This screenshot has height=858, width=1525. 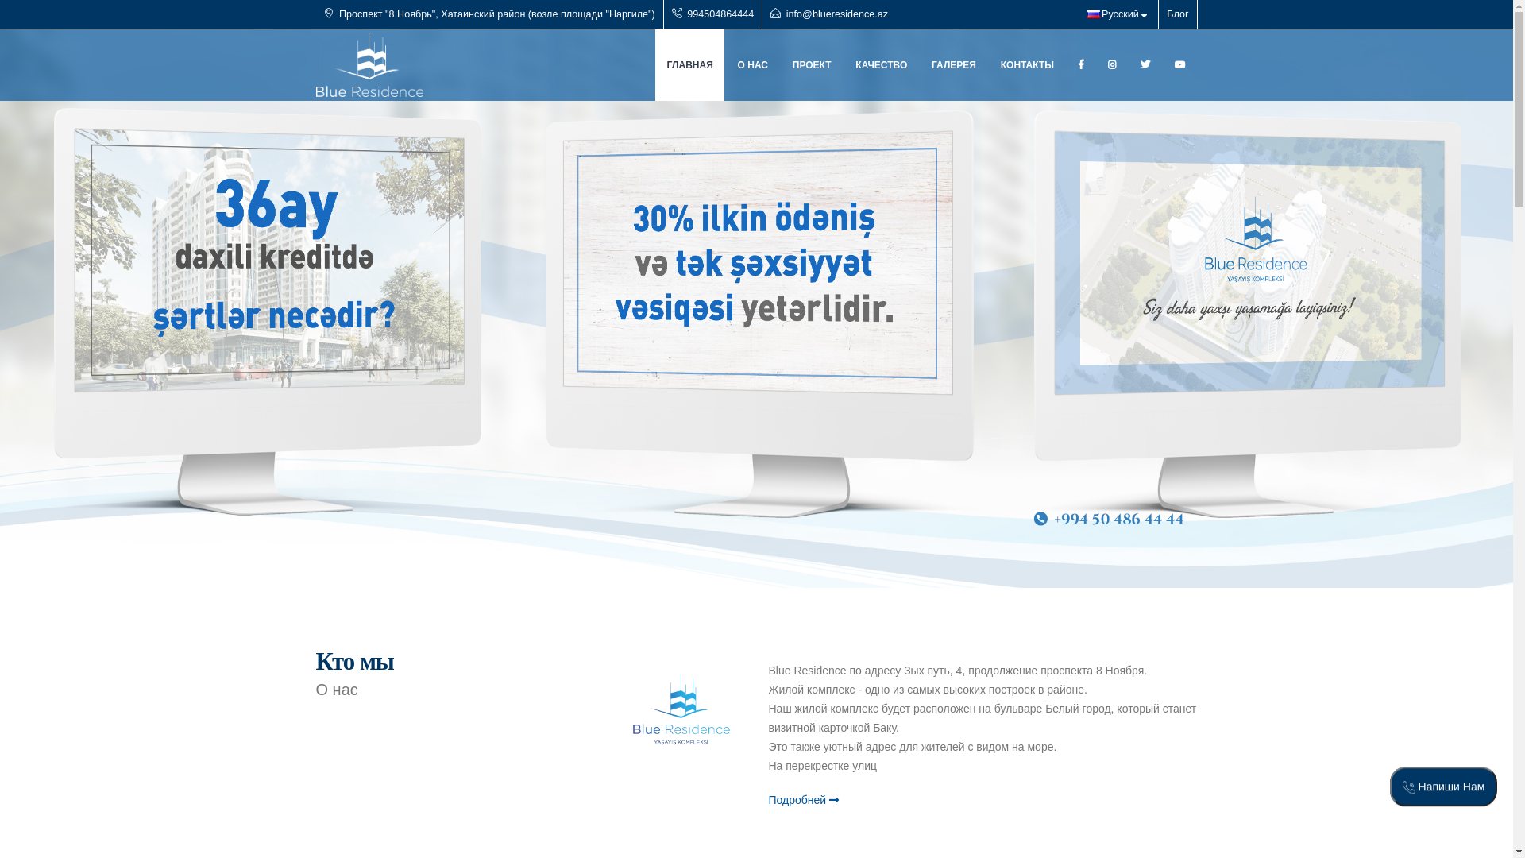 What do you see at coordinates (1111, 64) in the screenshot?
I see `'Instagram'` at bounding box center [1111, 64].